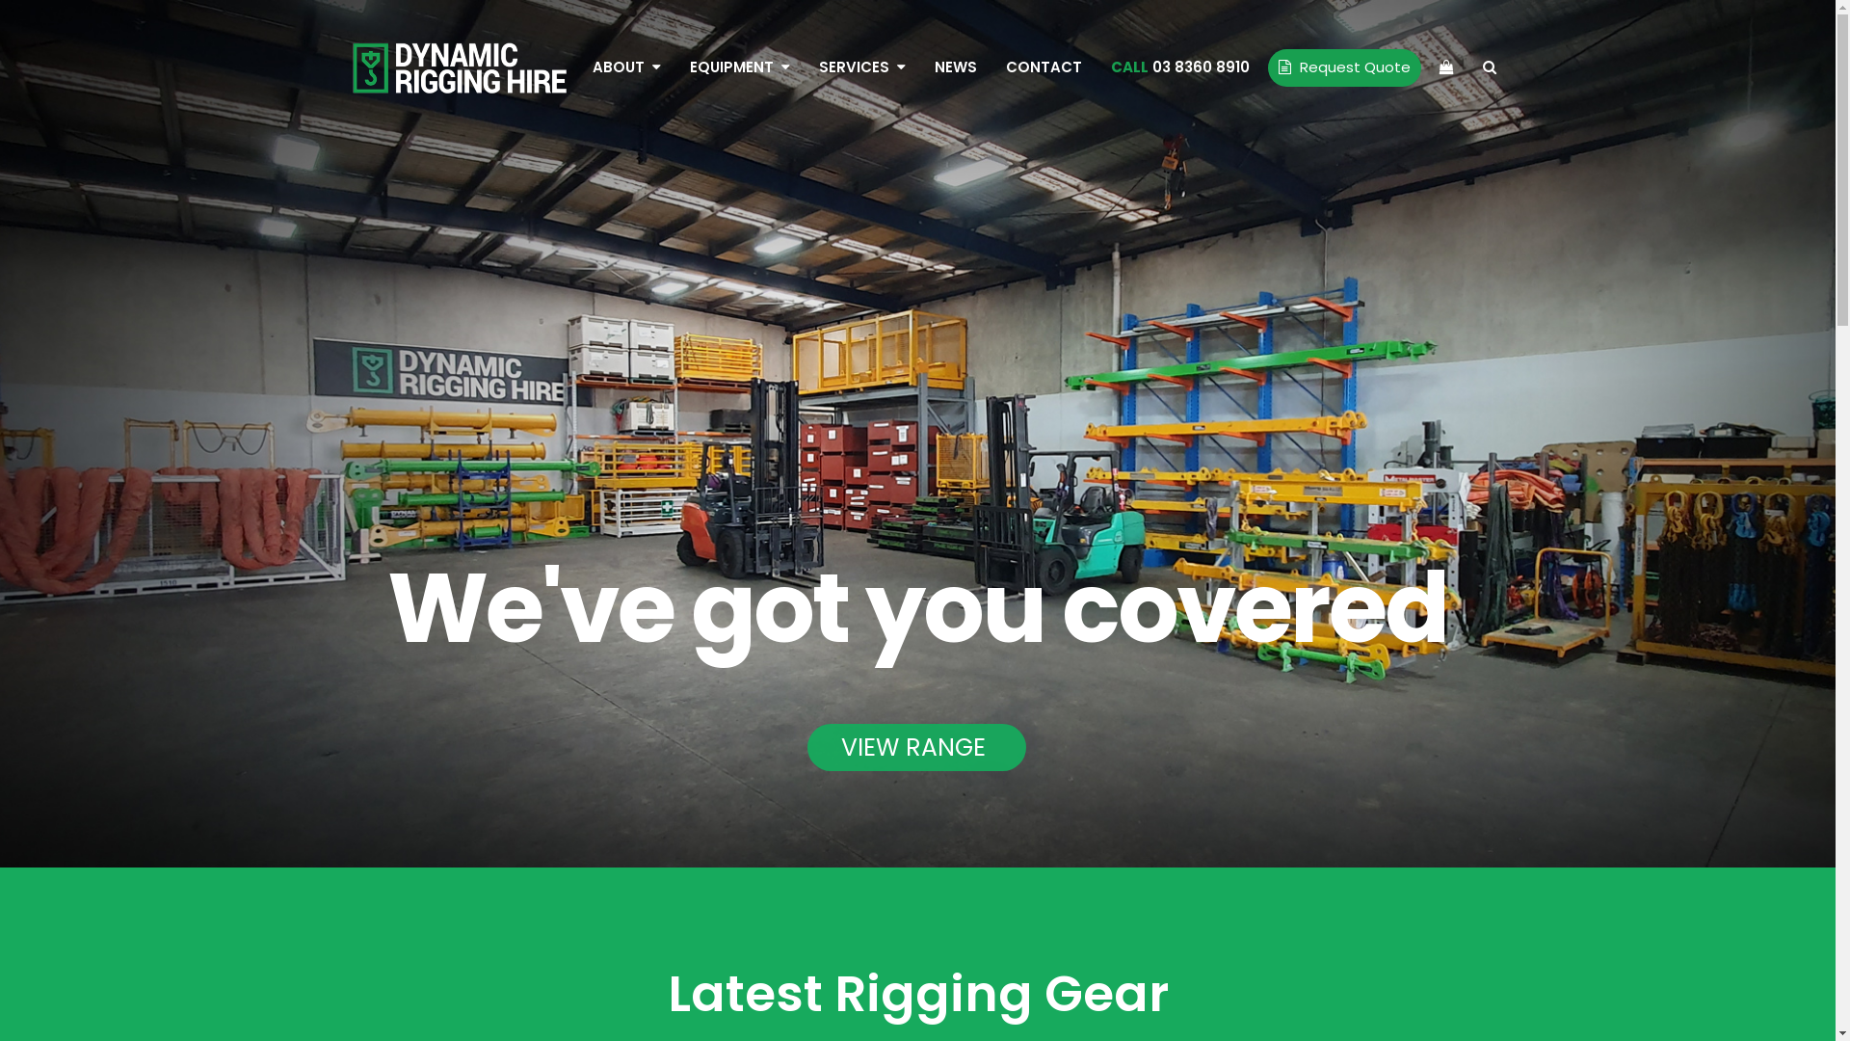  I want to click on 'EQUIPMENT', so click(738, 66).